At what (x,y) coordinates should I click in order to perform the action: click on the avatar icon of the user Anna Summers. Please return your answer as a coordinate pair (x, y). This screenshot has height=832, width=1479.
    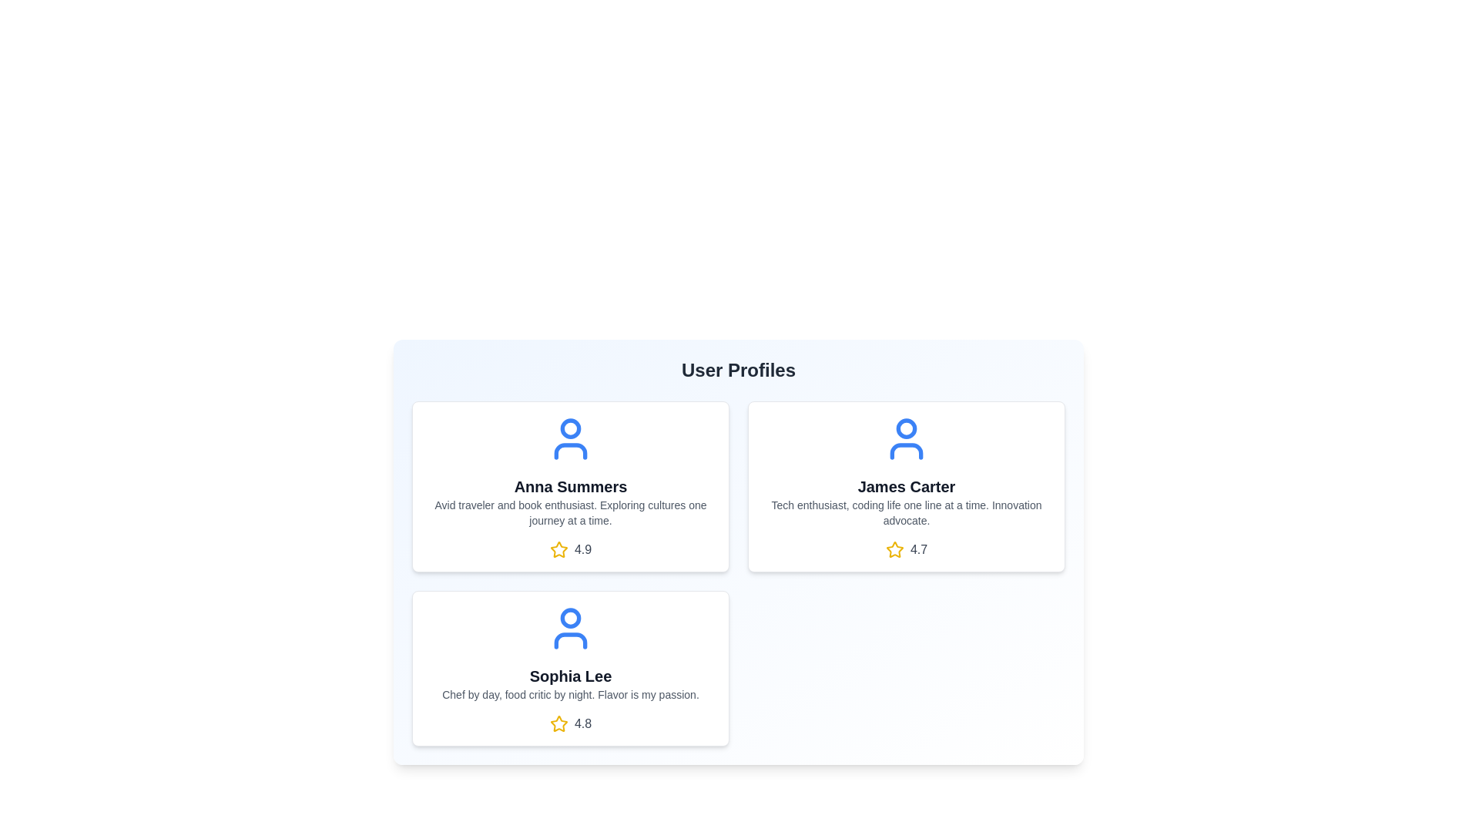
    Looking at the image, I should click on (569, 439).